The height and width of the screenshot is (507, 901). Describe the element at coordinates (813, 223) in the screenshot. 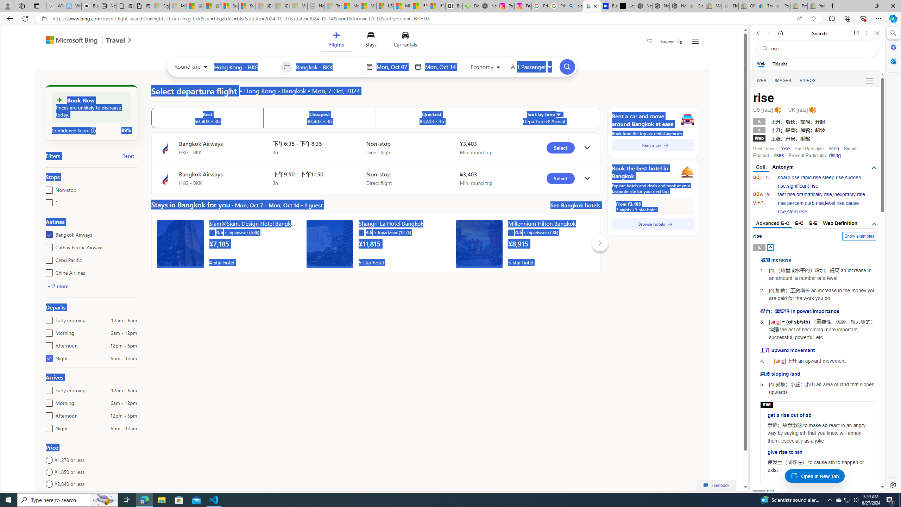

I see `'E-E'` at that location.